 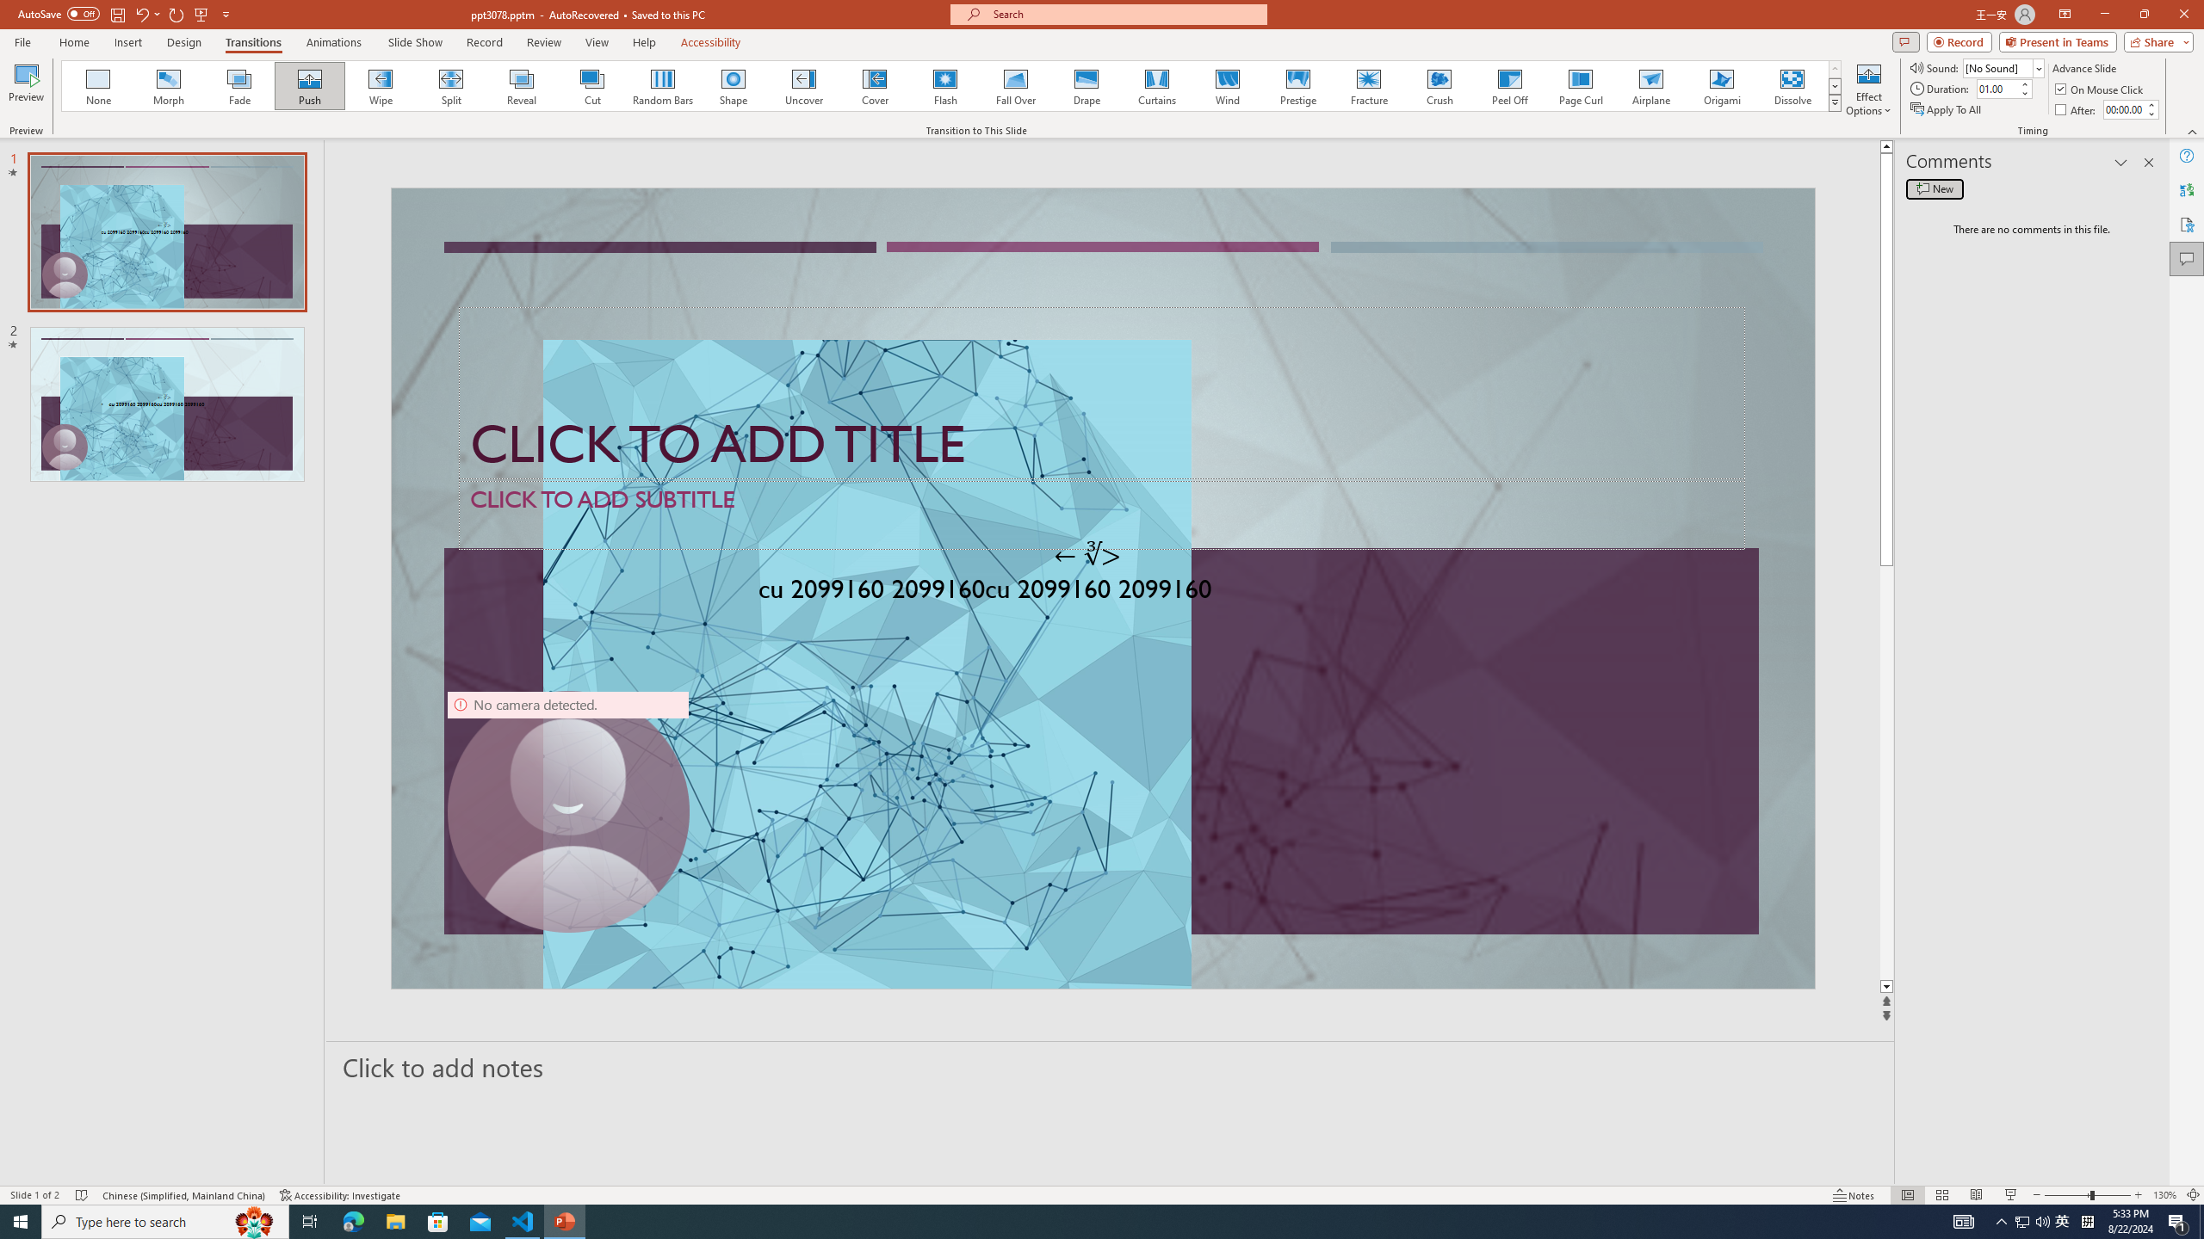 What do you see at coordinates (1087, 554) in the screenshot?
I see `'TextBox 7'` at bounding box center [1087, 554].